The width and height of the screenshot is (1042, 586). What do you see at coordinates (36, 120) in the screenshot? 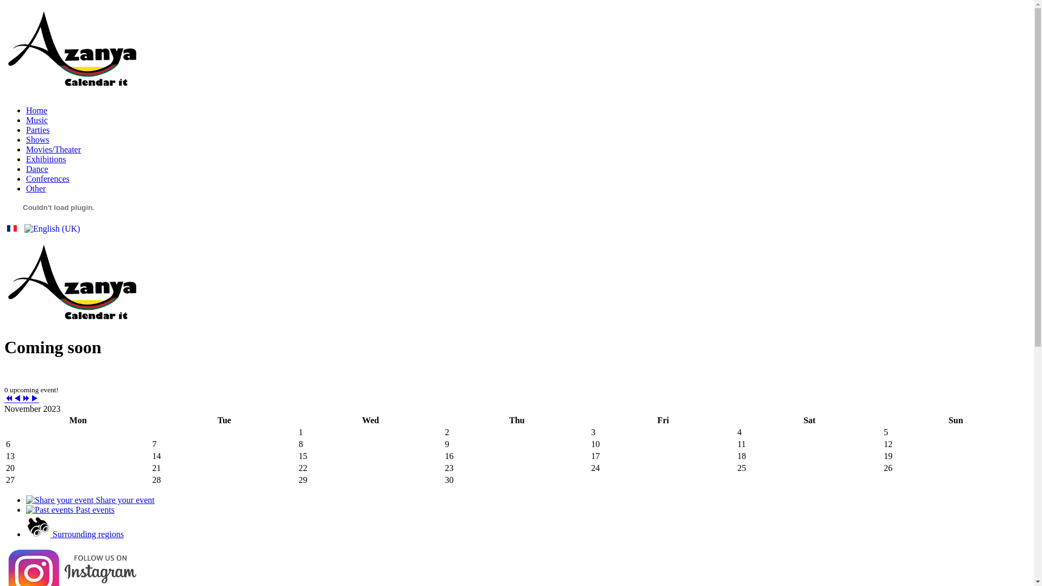
I see `'Music'` at bounding box center [36, 120].